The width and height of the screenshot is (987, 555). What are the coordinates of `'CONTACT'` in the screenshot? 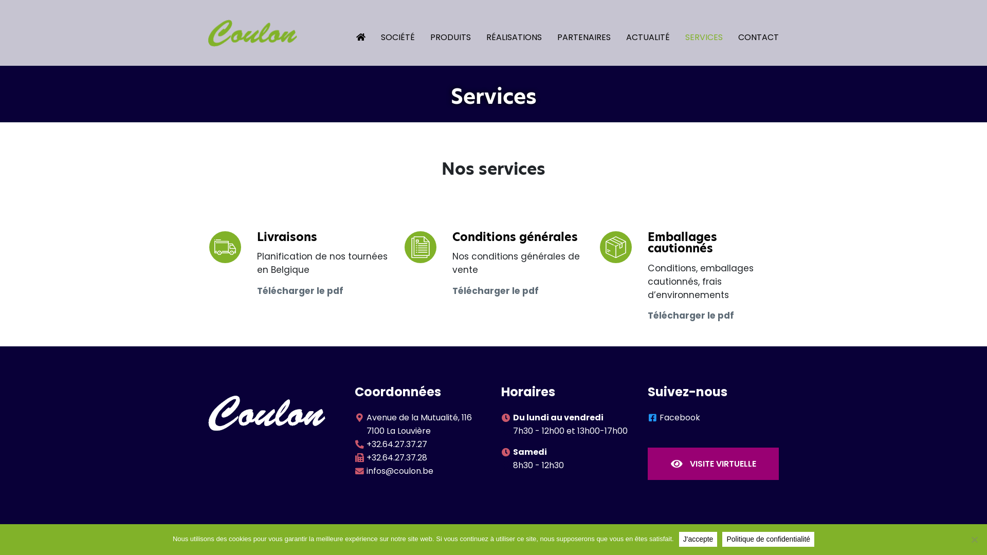 It's located at (751, 32).